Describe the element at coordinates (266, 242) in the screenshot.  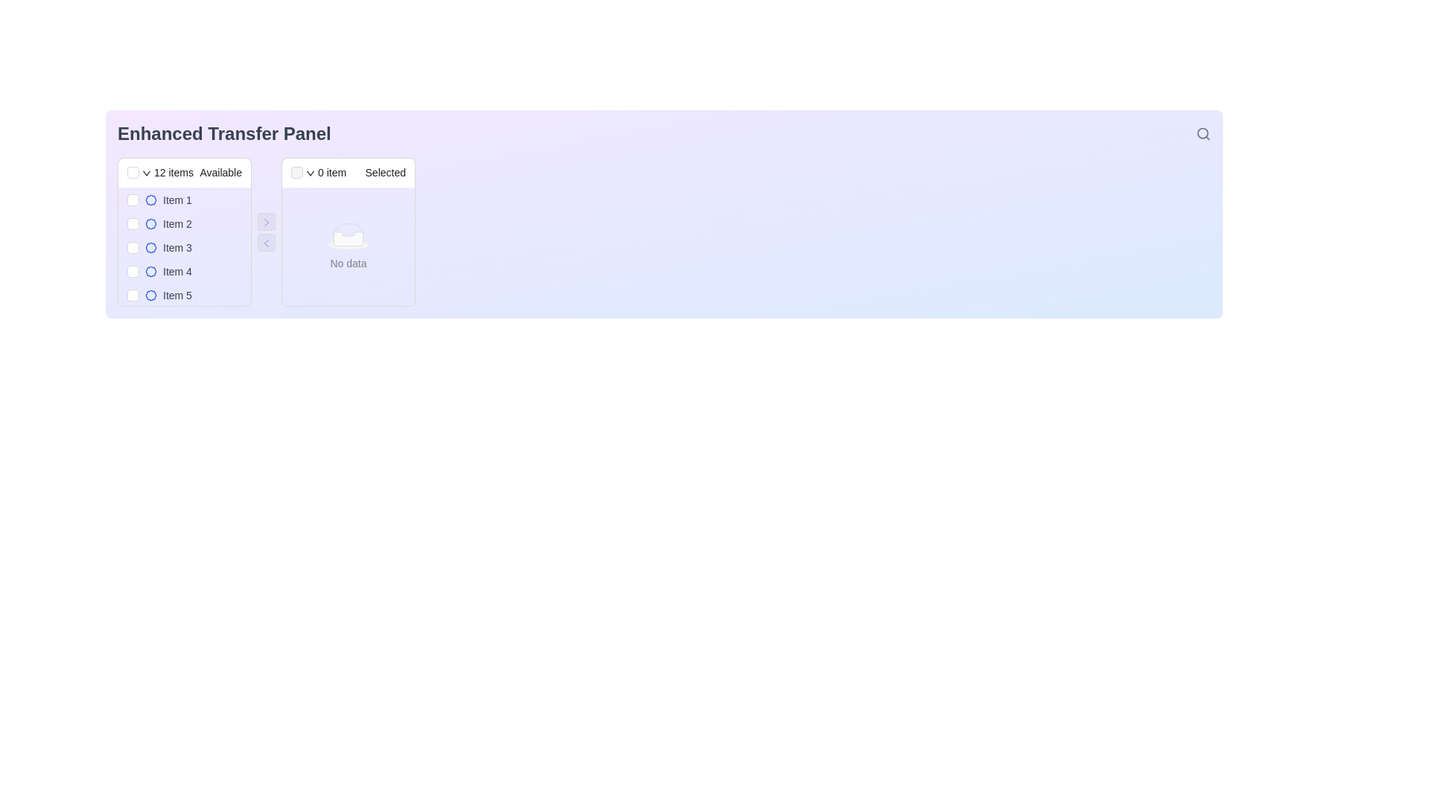
I see `the navigation button located in the center column of the interface, positioned to the left of the right-pointing arrow control button` at that location.